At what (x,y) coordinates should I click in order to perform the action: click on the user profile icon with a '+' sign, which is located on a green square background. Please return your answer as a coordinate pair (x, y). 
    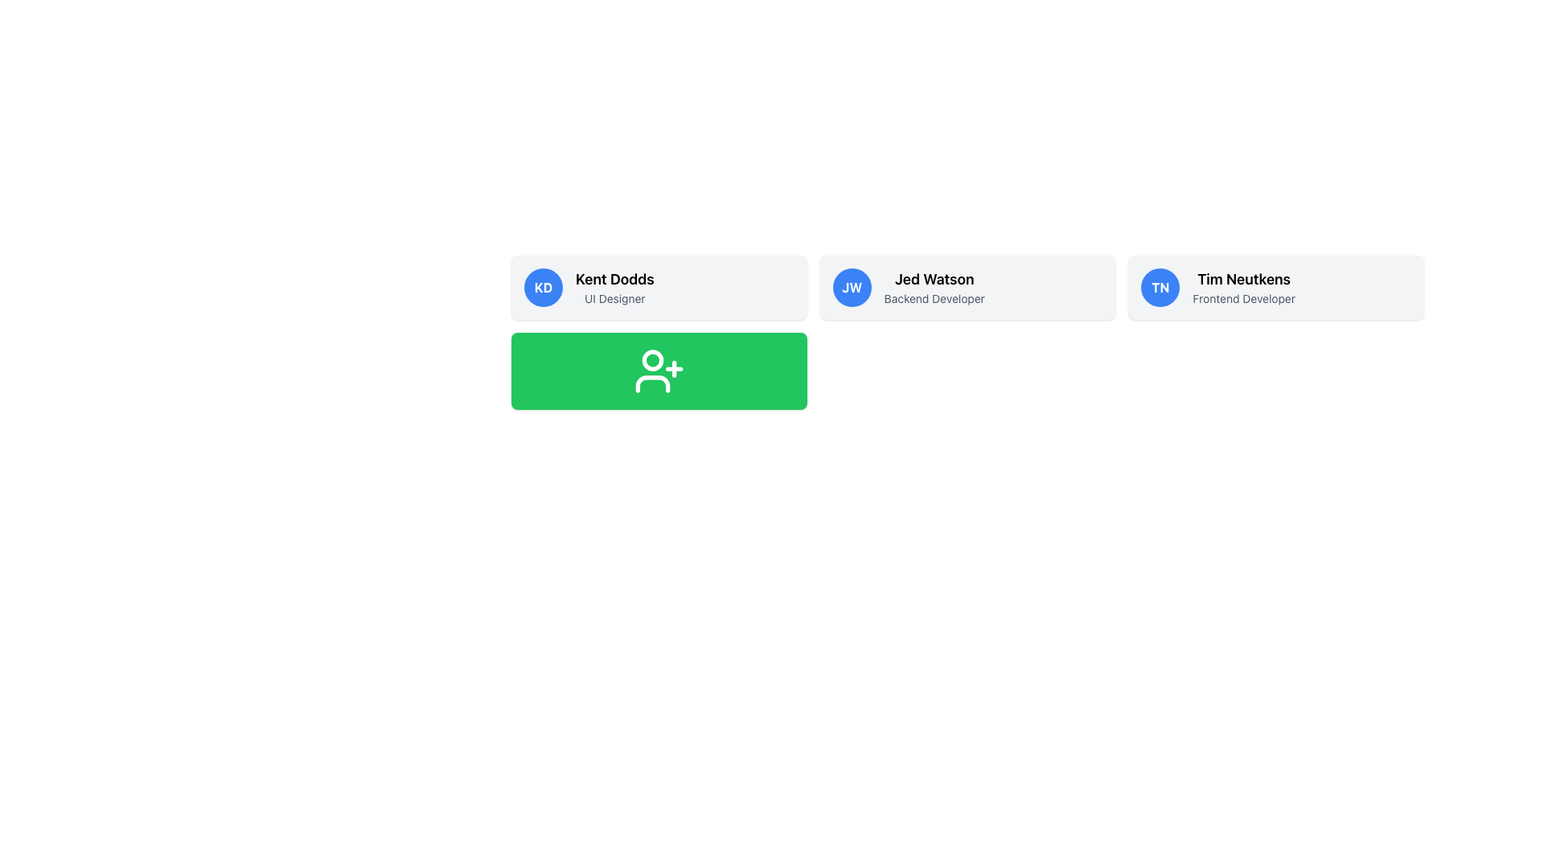
    Looking at the image, I should click on (659, 371).